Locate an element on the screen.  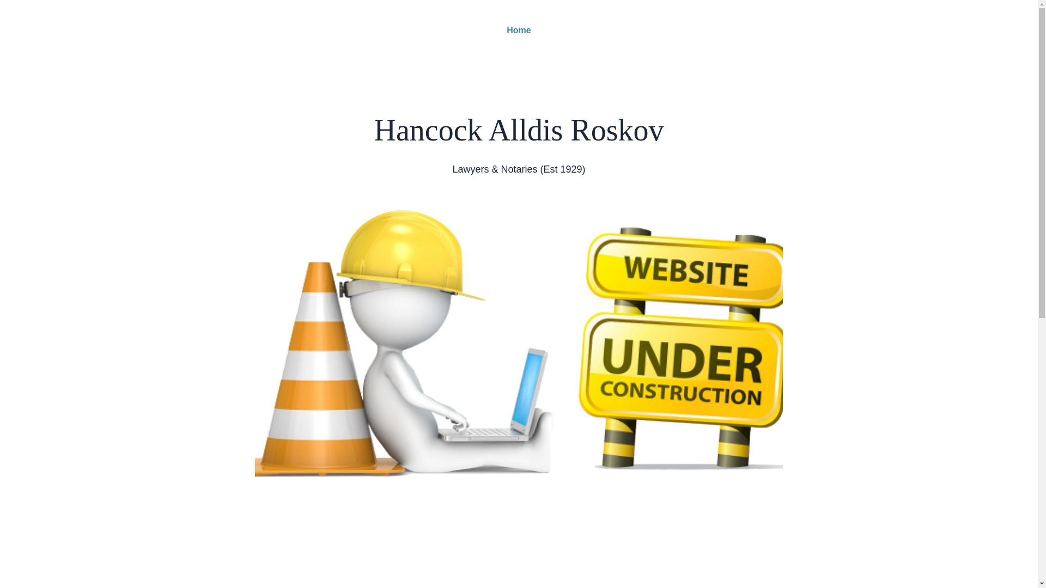
'Home' is located at coordinates (518, 30).